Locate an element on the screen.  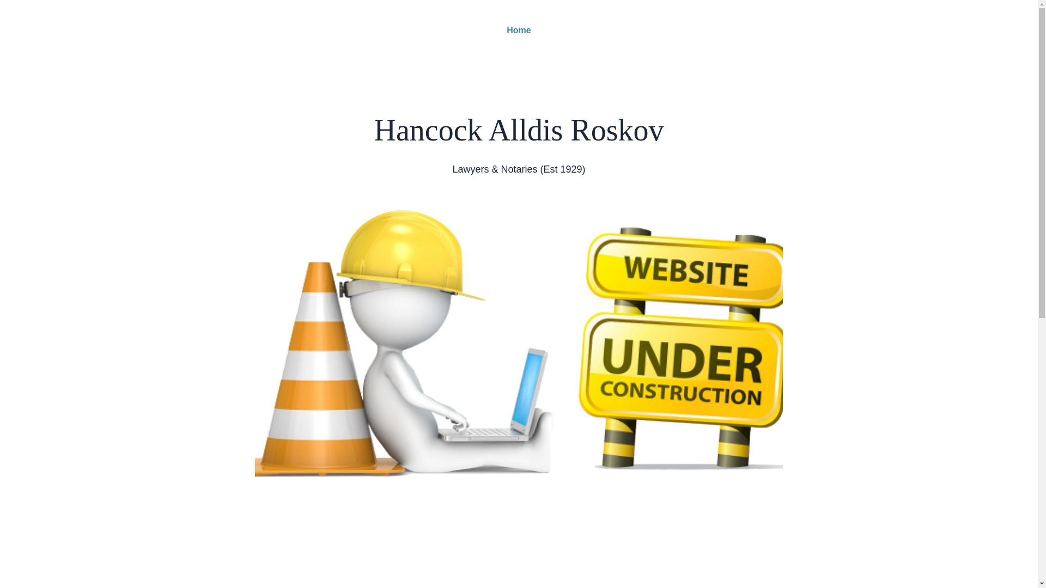
'Home' is located at coordinates (518, 30).